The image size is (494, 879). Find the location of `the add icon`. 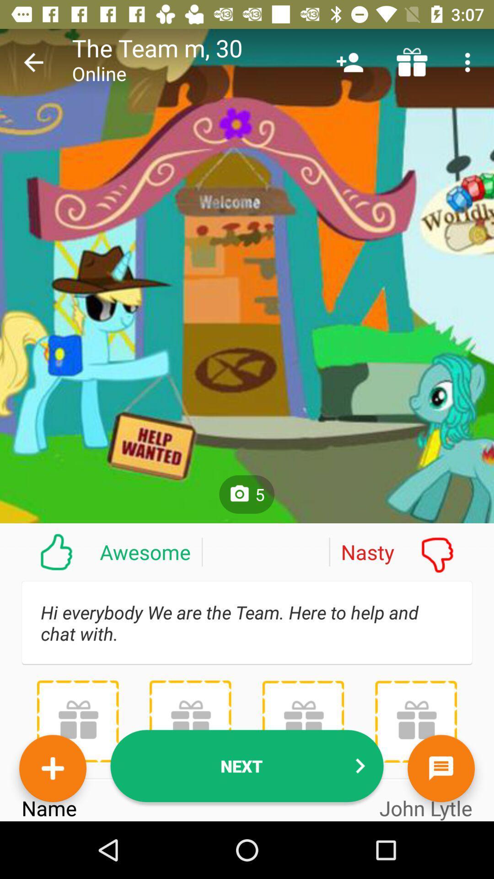

the add icon is located at coordinates (53, 768).